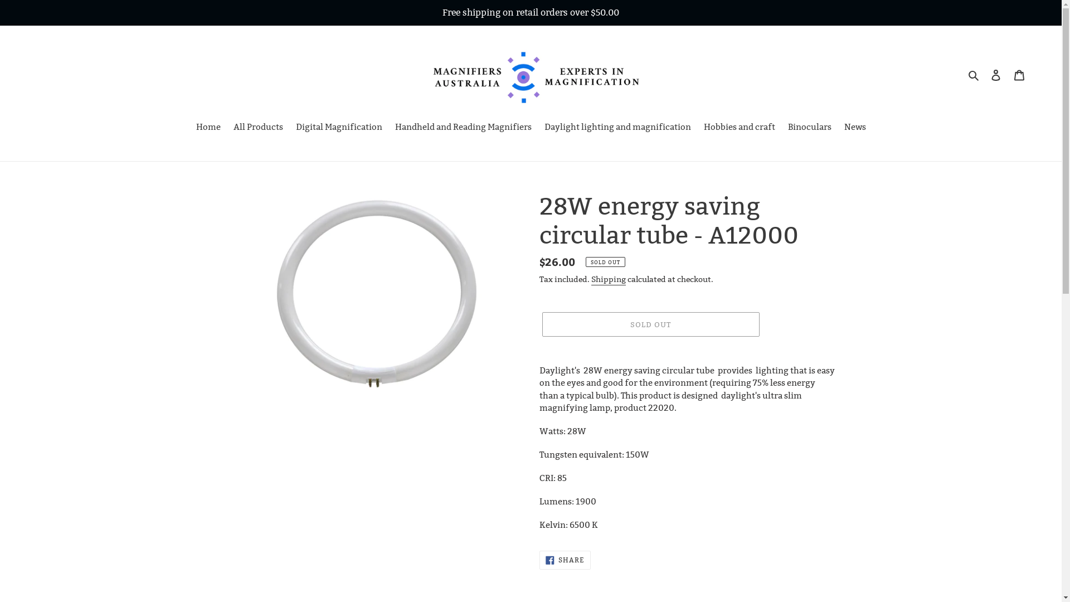 Image resolution: width=1070 pixels, height=602 pixels. Describe the element at coordinates (995, 75) in the screenshot. I see `'Log in'` at that location.